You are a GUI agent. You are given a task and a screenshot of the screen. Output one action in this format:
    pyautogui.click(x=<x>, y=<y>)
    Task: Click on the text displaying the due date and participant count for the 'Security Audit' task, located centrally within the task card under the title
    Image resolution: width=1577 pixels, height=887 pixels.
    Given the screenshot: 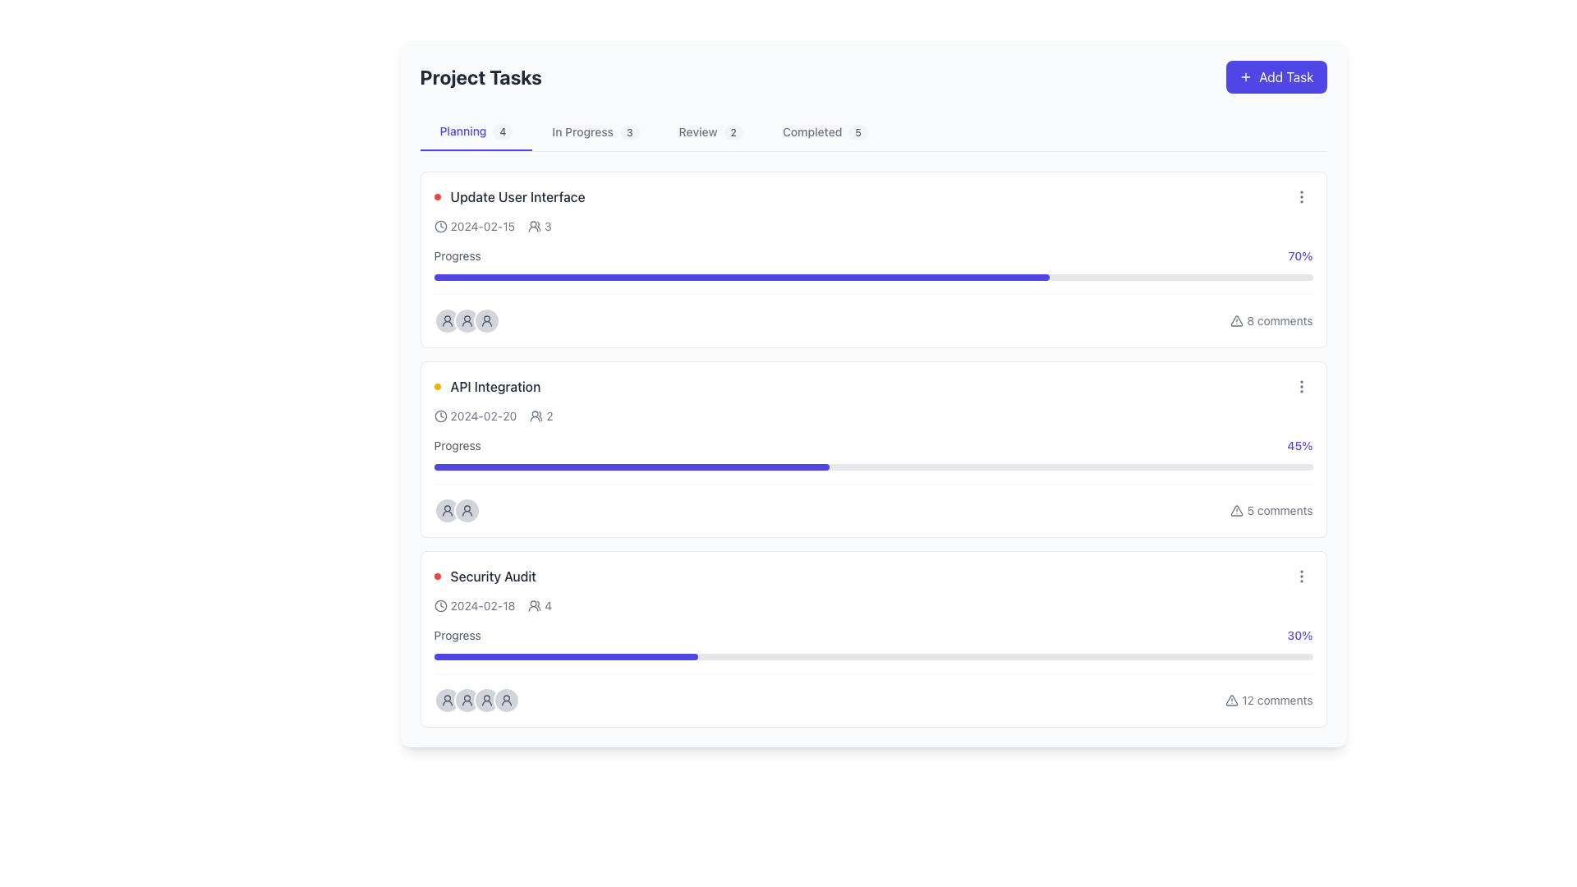 What is the action you would take?
    pyautogui.click(x=492, y=605)
    